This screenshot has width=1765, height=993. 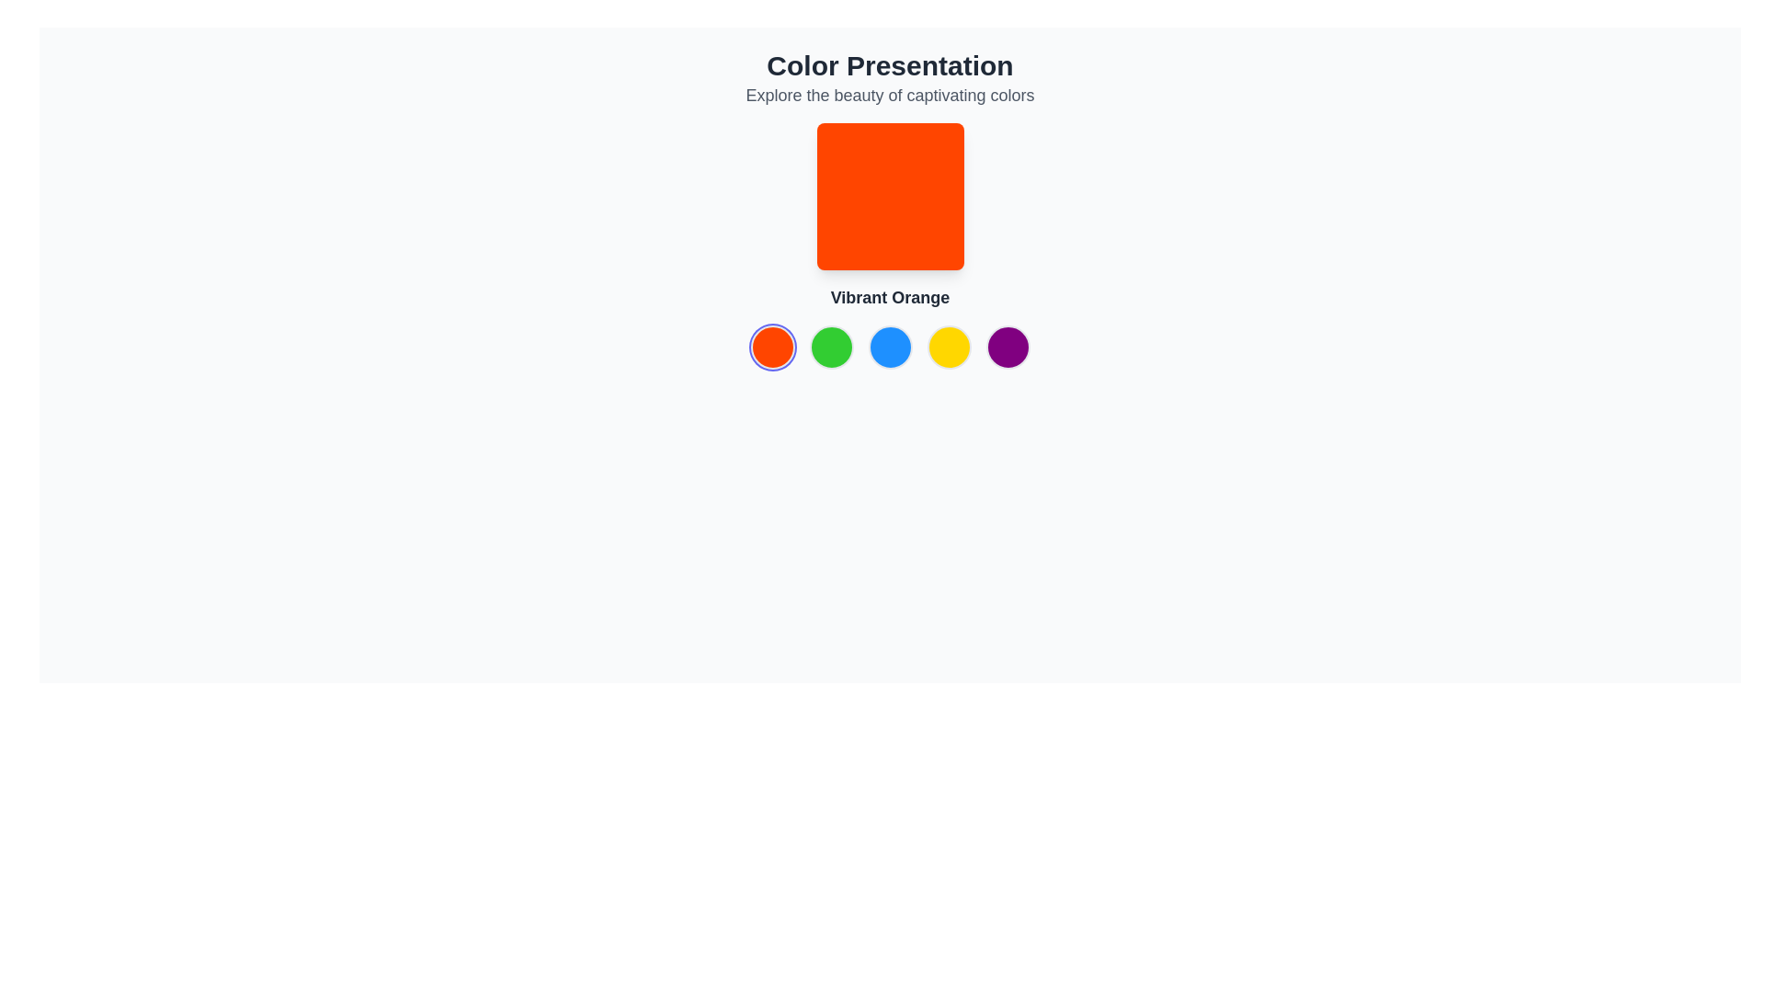 I want to click on the third circular button from the left, so click(x=890, y=348).